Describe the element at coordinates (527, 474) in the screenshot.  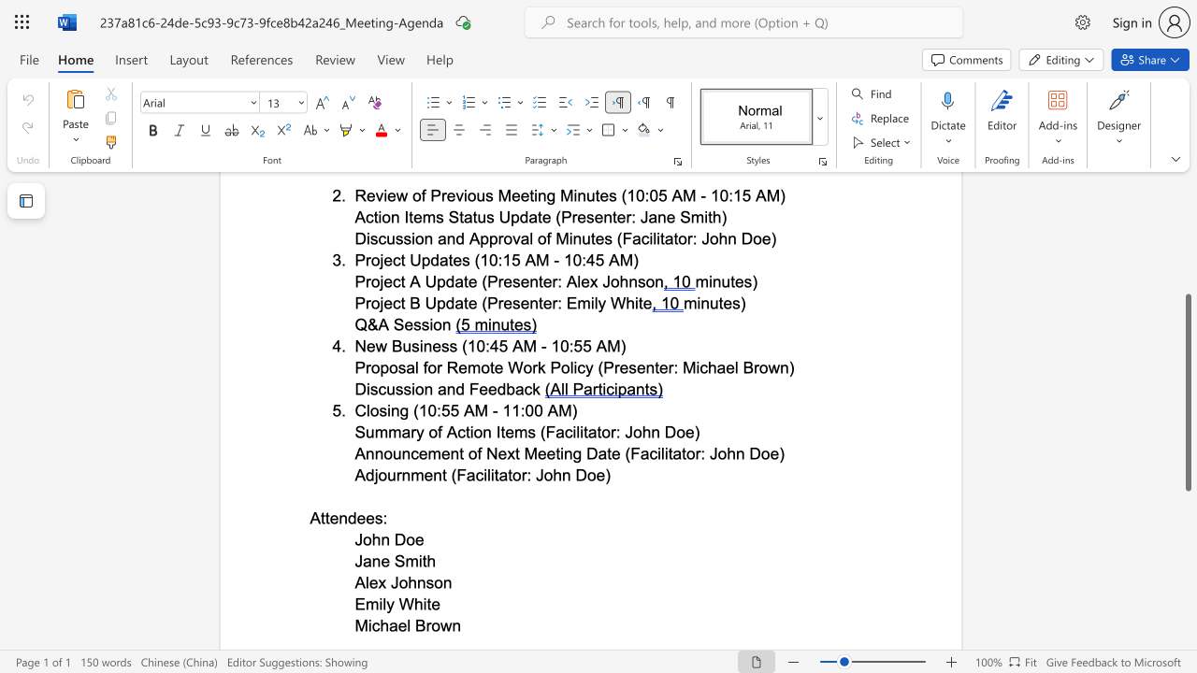
I see `the 1th character ":" in the text` at that location.